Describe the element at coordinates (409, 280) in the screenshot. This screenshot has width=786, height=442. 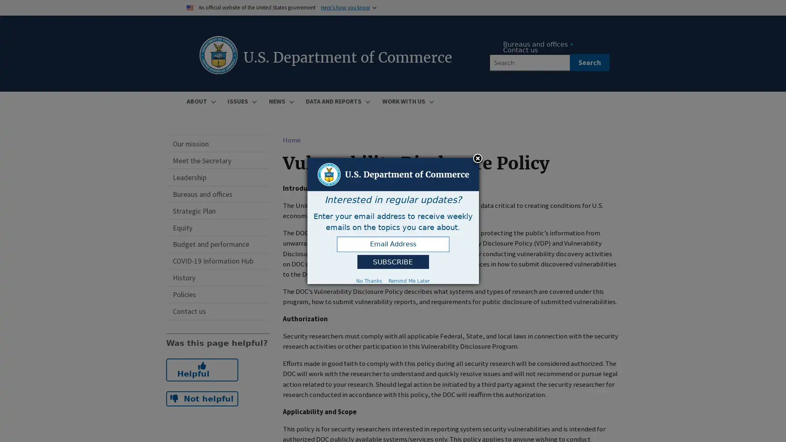
I see `Remind Me Later` at that location.